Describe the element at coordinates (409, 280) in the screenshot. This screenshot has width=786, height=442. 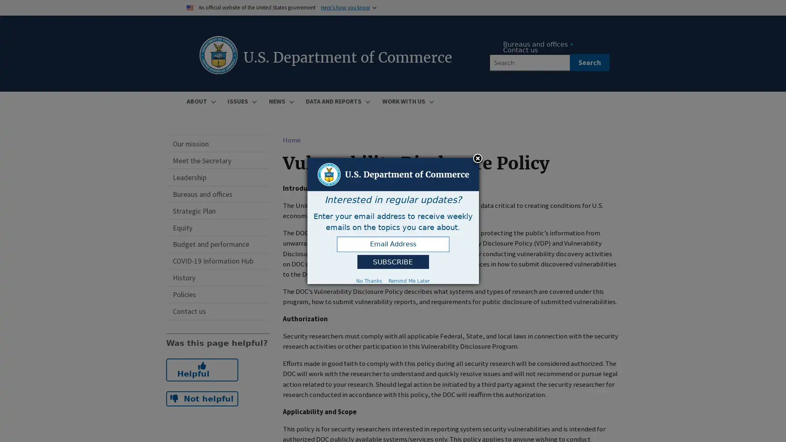
I see `Remind Me Later` at that location.